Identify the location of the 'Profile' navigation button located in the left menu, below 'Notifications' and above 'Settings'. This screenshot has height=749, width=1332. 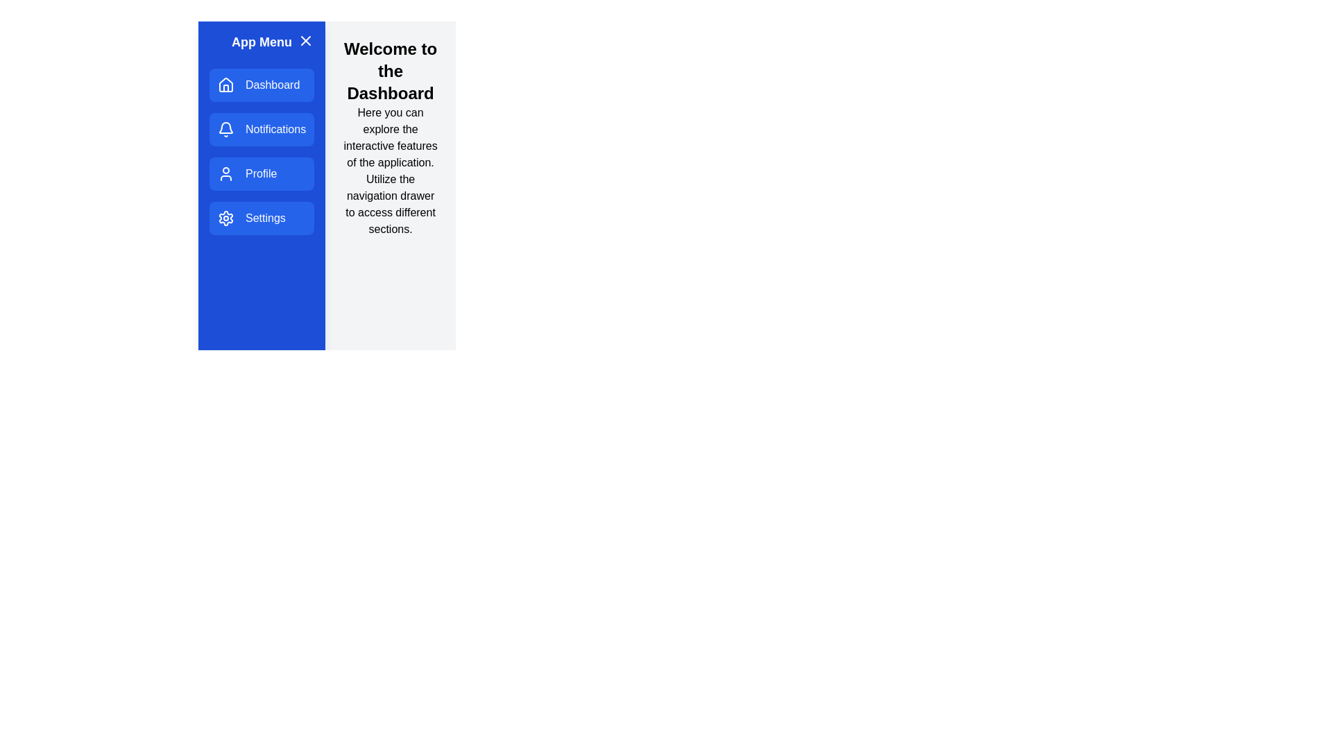
(261, 173).